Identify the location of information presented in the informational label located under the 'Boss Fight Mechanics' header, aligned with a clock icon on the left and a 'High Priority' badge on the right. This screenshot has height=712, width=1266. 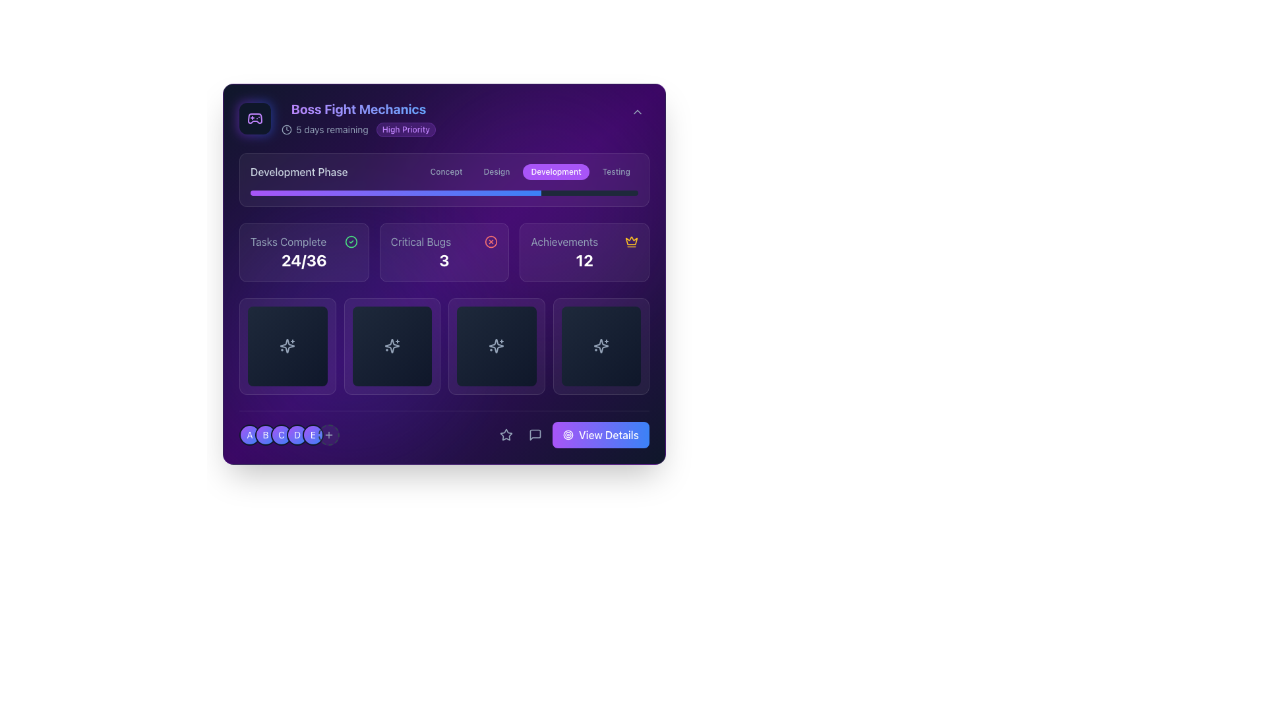
(358, 129).